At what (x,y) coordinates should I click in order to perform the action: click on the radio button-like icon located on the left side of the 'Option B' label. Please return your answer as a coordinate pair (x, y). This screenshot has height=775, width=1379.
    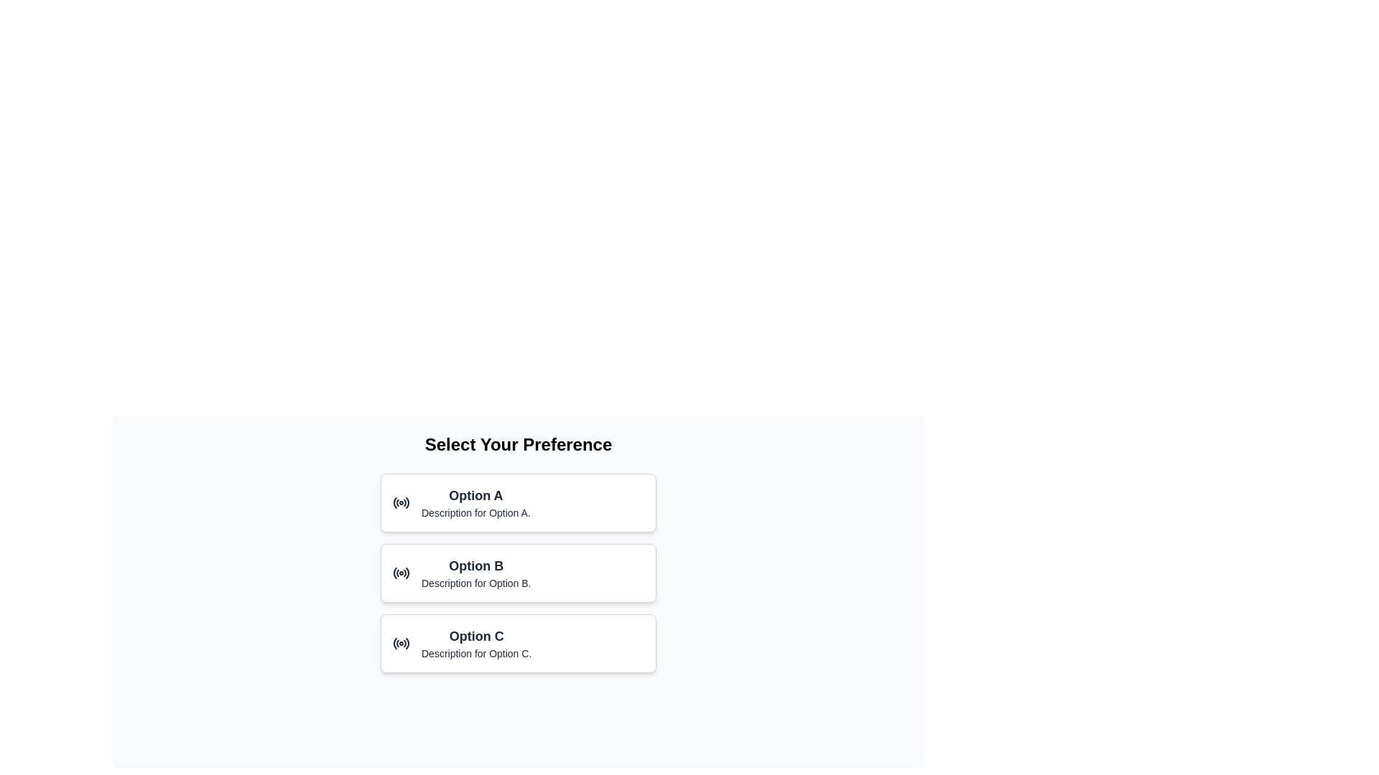
    Looking at the image, I should click on (401, 572).